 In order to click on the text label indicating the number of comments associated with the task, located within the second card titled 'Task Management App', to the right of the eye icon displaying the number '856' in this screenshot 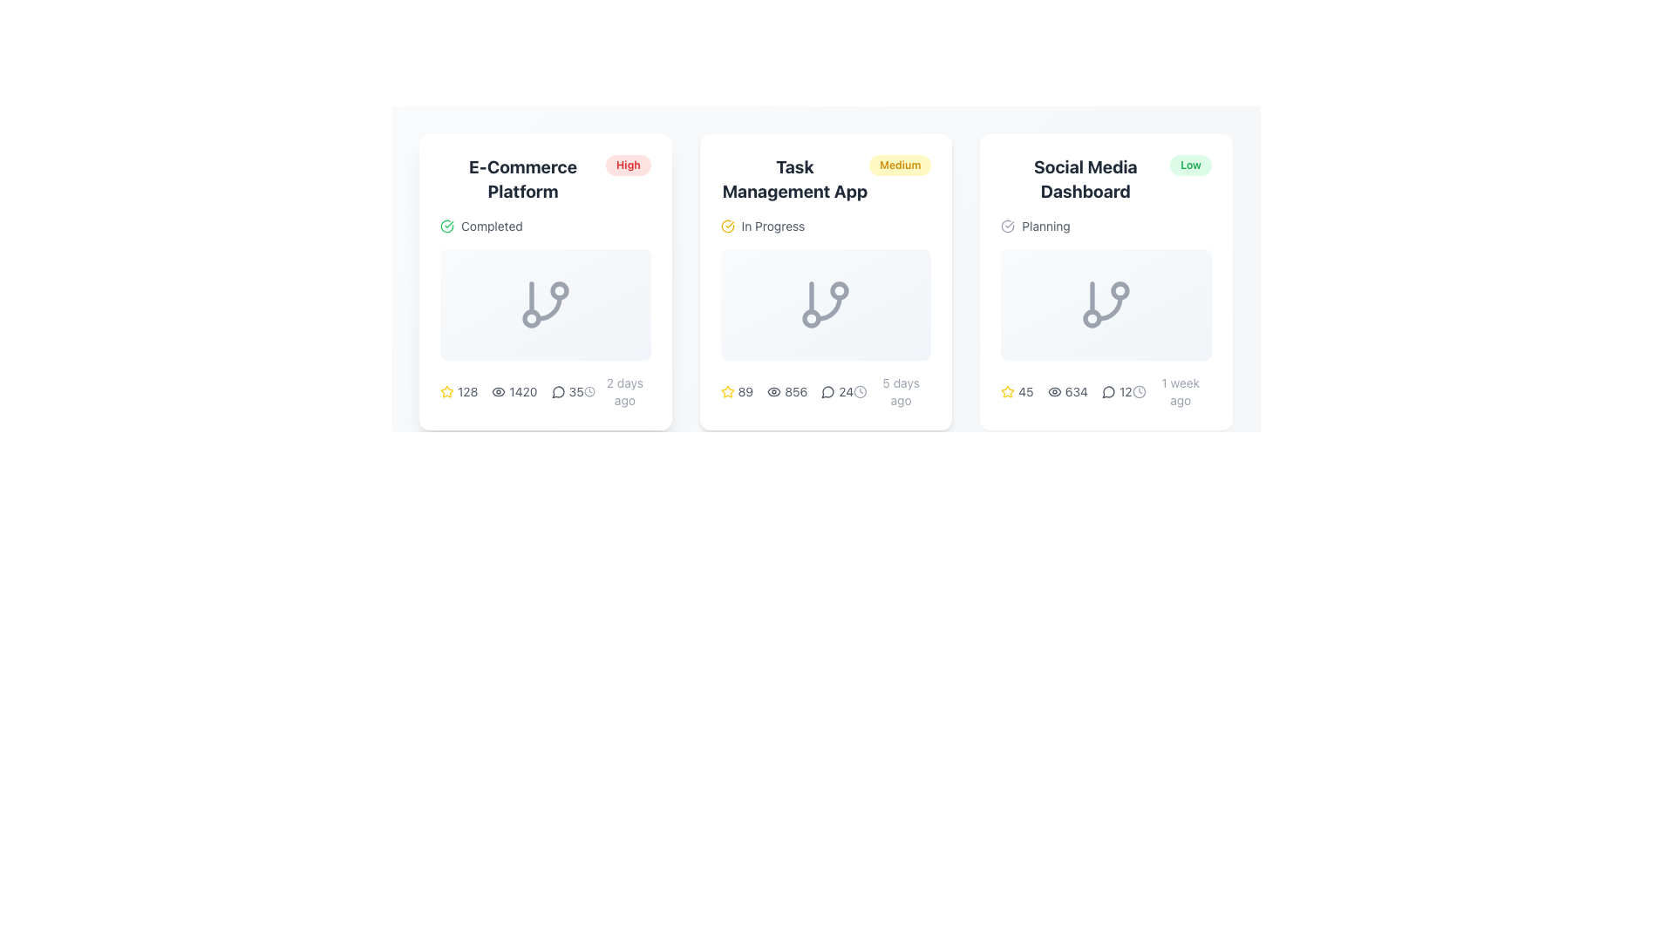, I will do `click(846, 392)`.